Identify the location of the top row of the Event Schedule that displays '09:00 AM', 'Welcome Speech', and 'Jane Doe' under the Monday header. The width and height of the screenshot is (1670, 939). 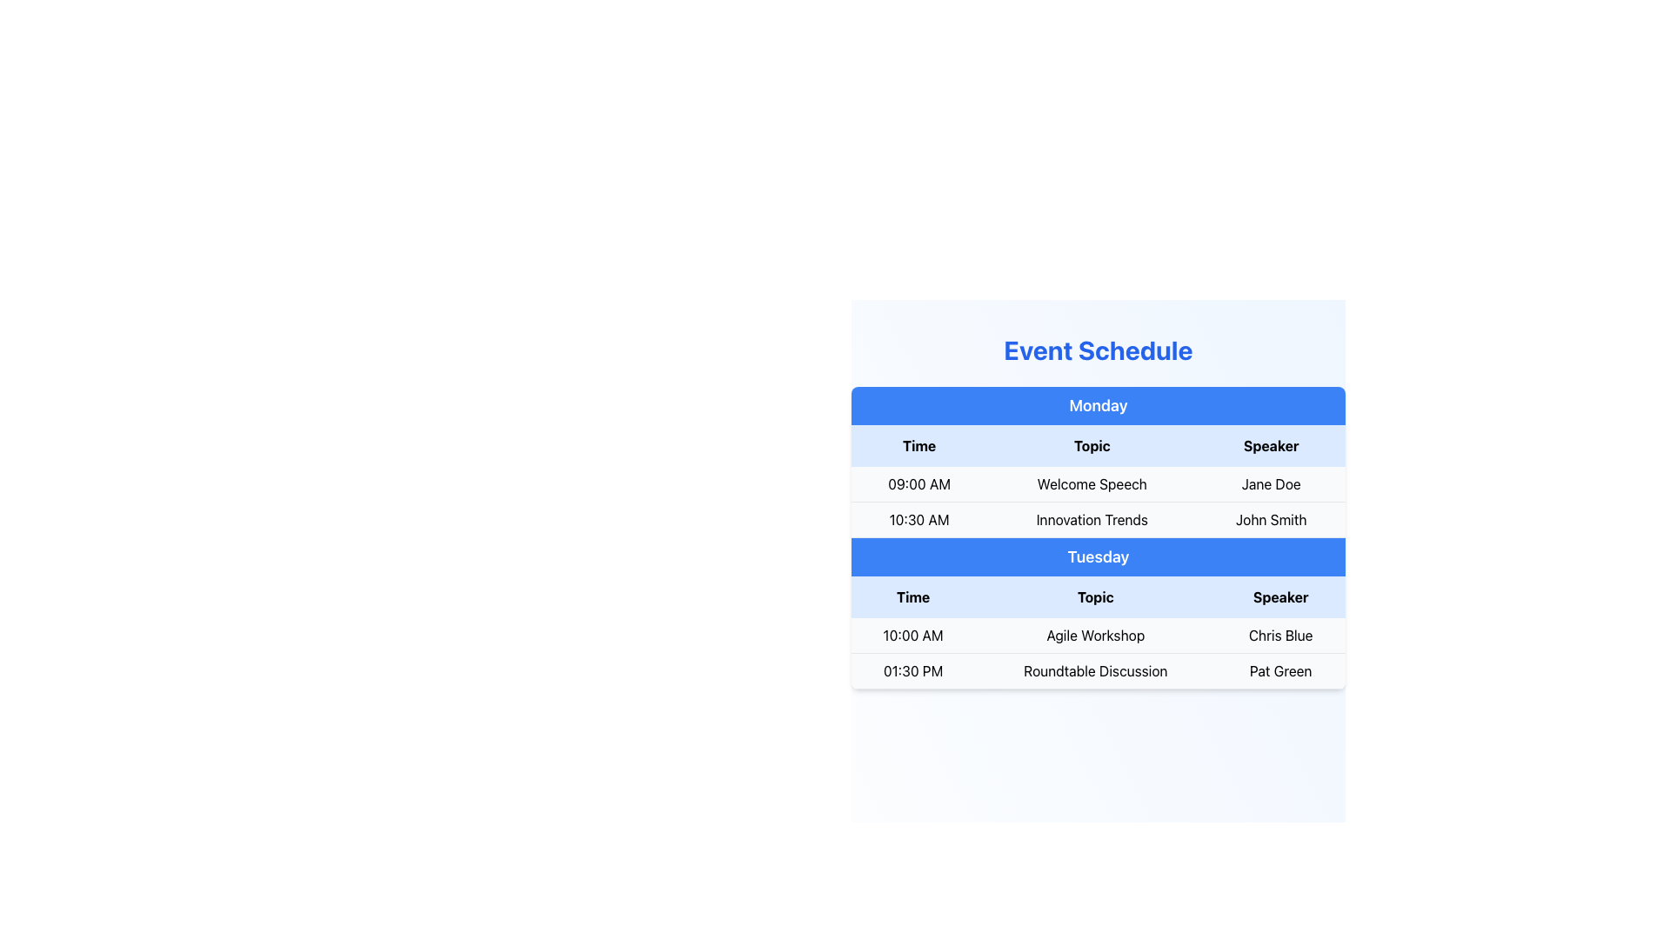
(1097, 483).